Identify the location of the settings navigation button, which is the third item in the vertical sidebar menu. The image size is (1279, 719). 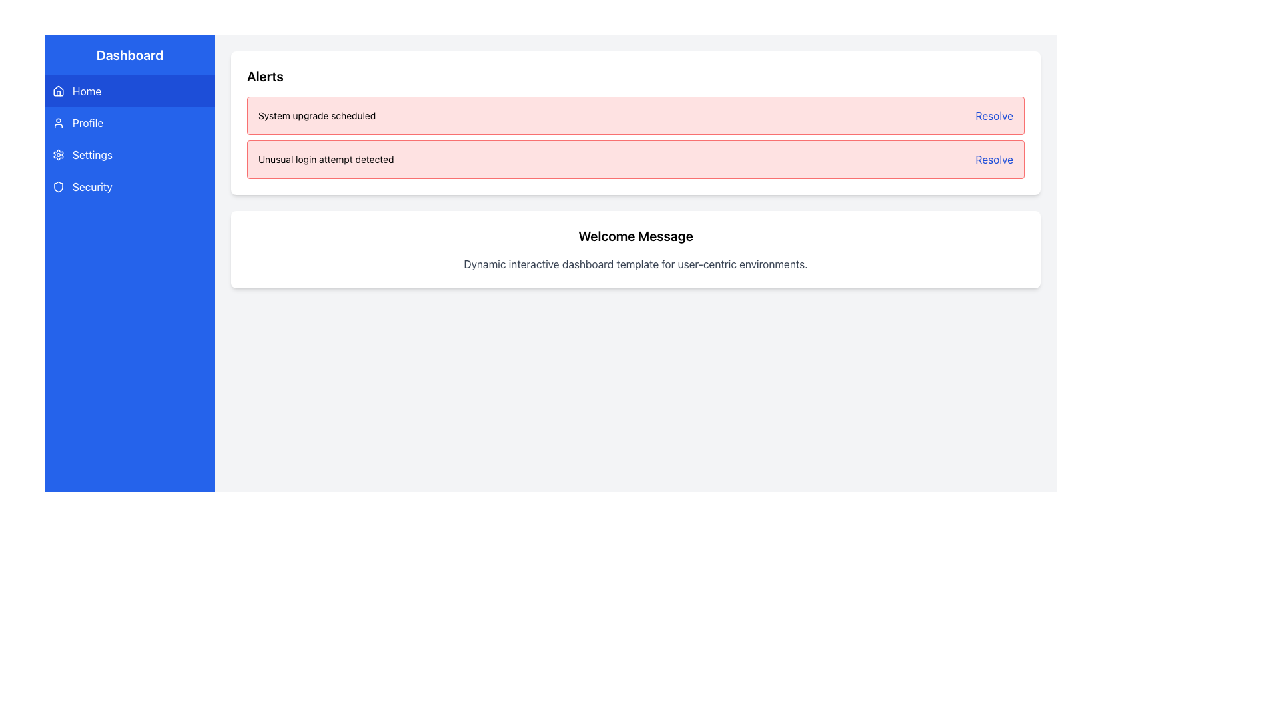
(130, 154).